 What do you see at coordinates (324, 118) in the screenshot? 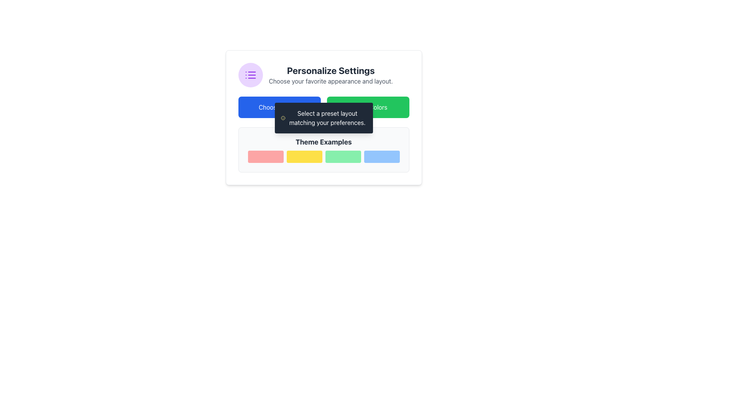
I see `the Informational Tooltip located centrally above the theme examples section, which contains guidance or context for users` at bounding box center [324, 118].